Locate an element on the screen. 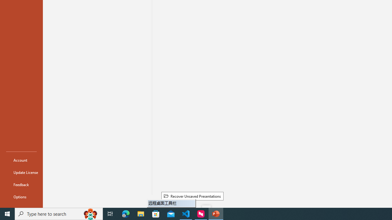 This screenshot has height=220, width=392. 'Recover Unsaved Presentations' is located at coordinates (192, 196).